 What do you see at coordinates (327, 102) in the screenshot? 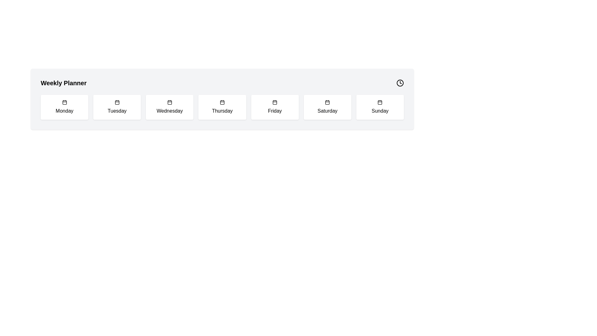
I see `the 'Saturday' icon in the weekly calendar` at bounding box center [327, 102].